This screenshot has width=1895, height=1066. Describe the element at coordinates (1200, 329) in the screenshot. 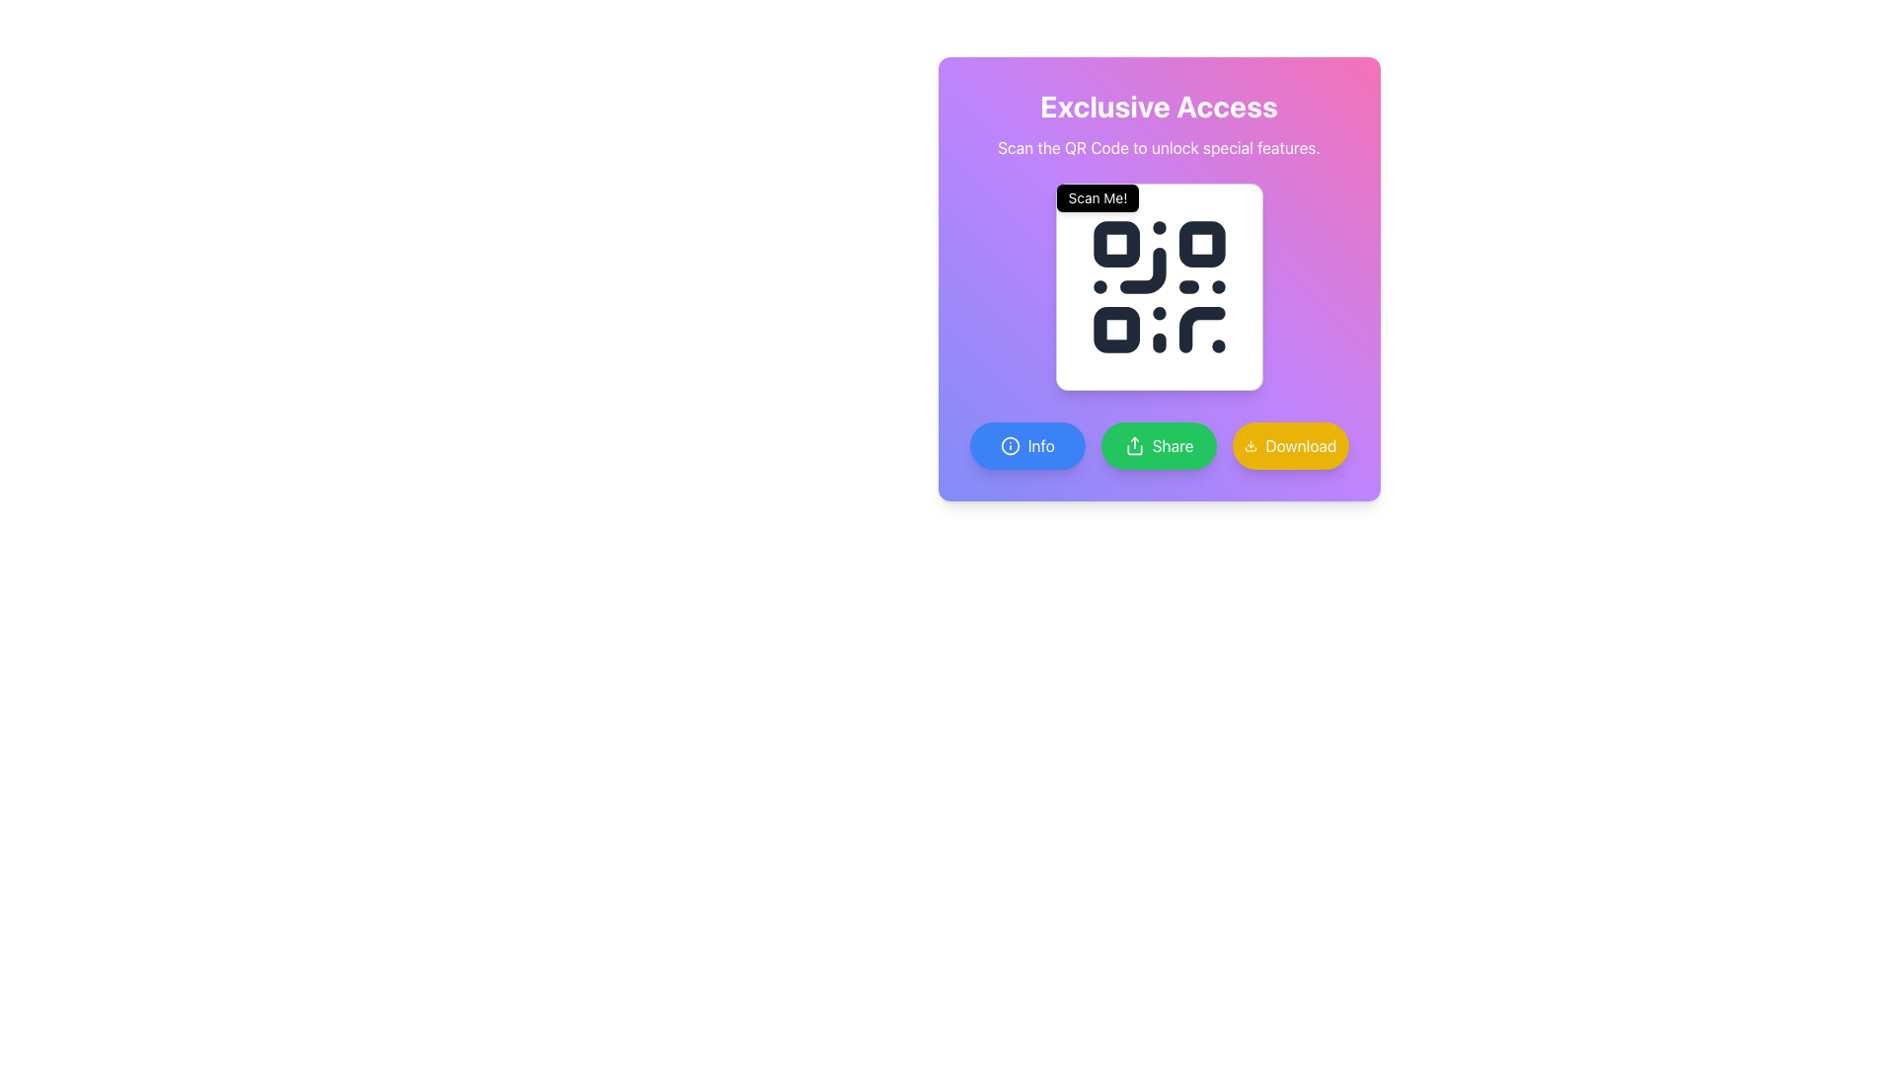

I see `the right-aligned, curved line segment that is part of the QR code illustration, located in the lower right quadrant of the design` at that location.